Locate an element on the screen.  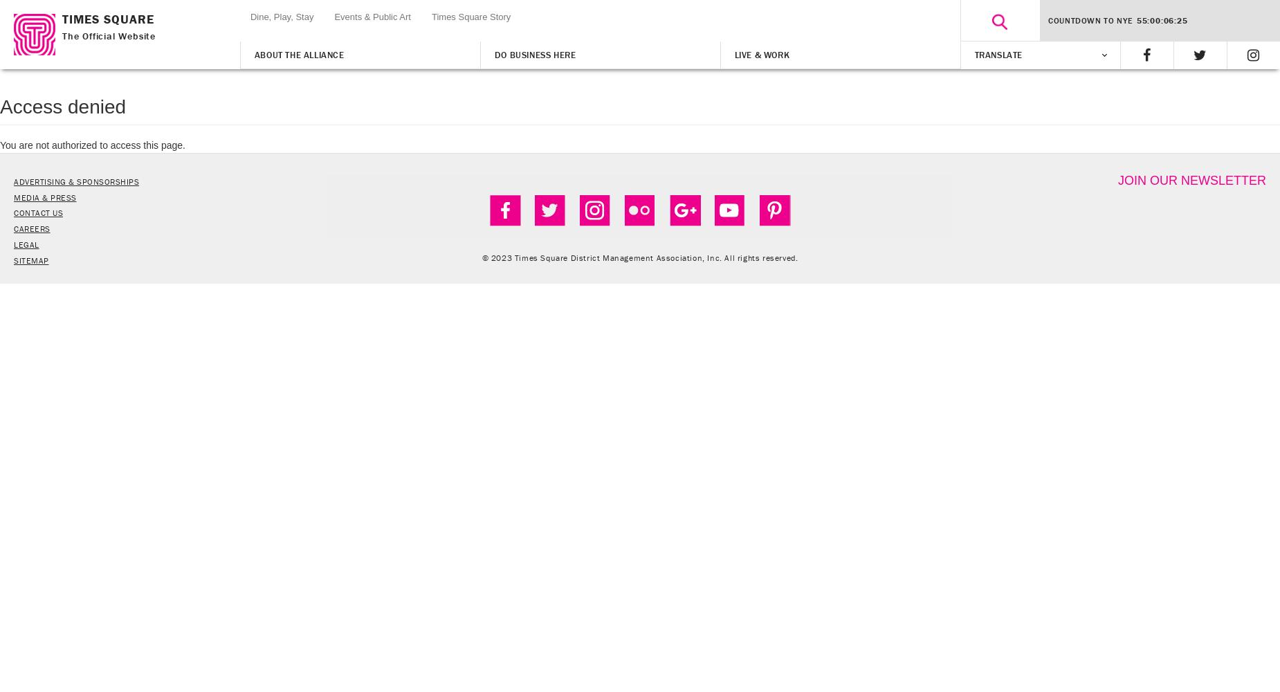
'About the Alliance' is located at coordinates (298, 54).